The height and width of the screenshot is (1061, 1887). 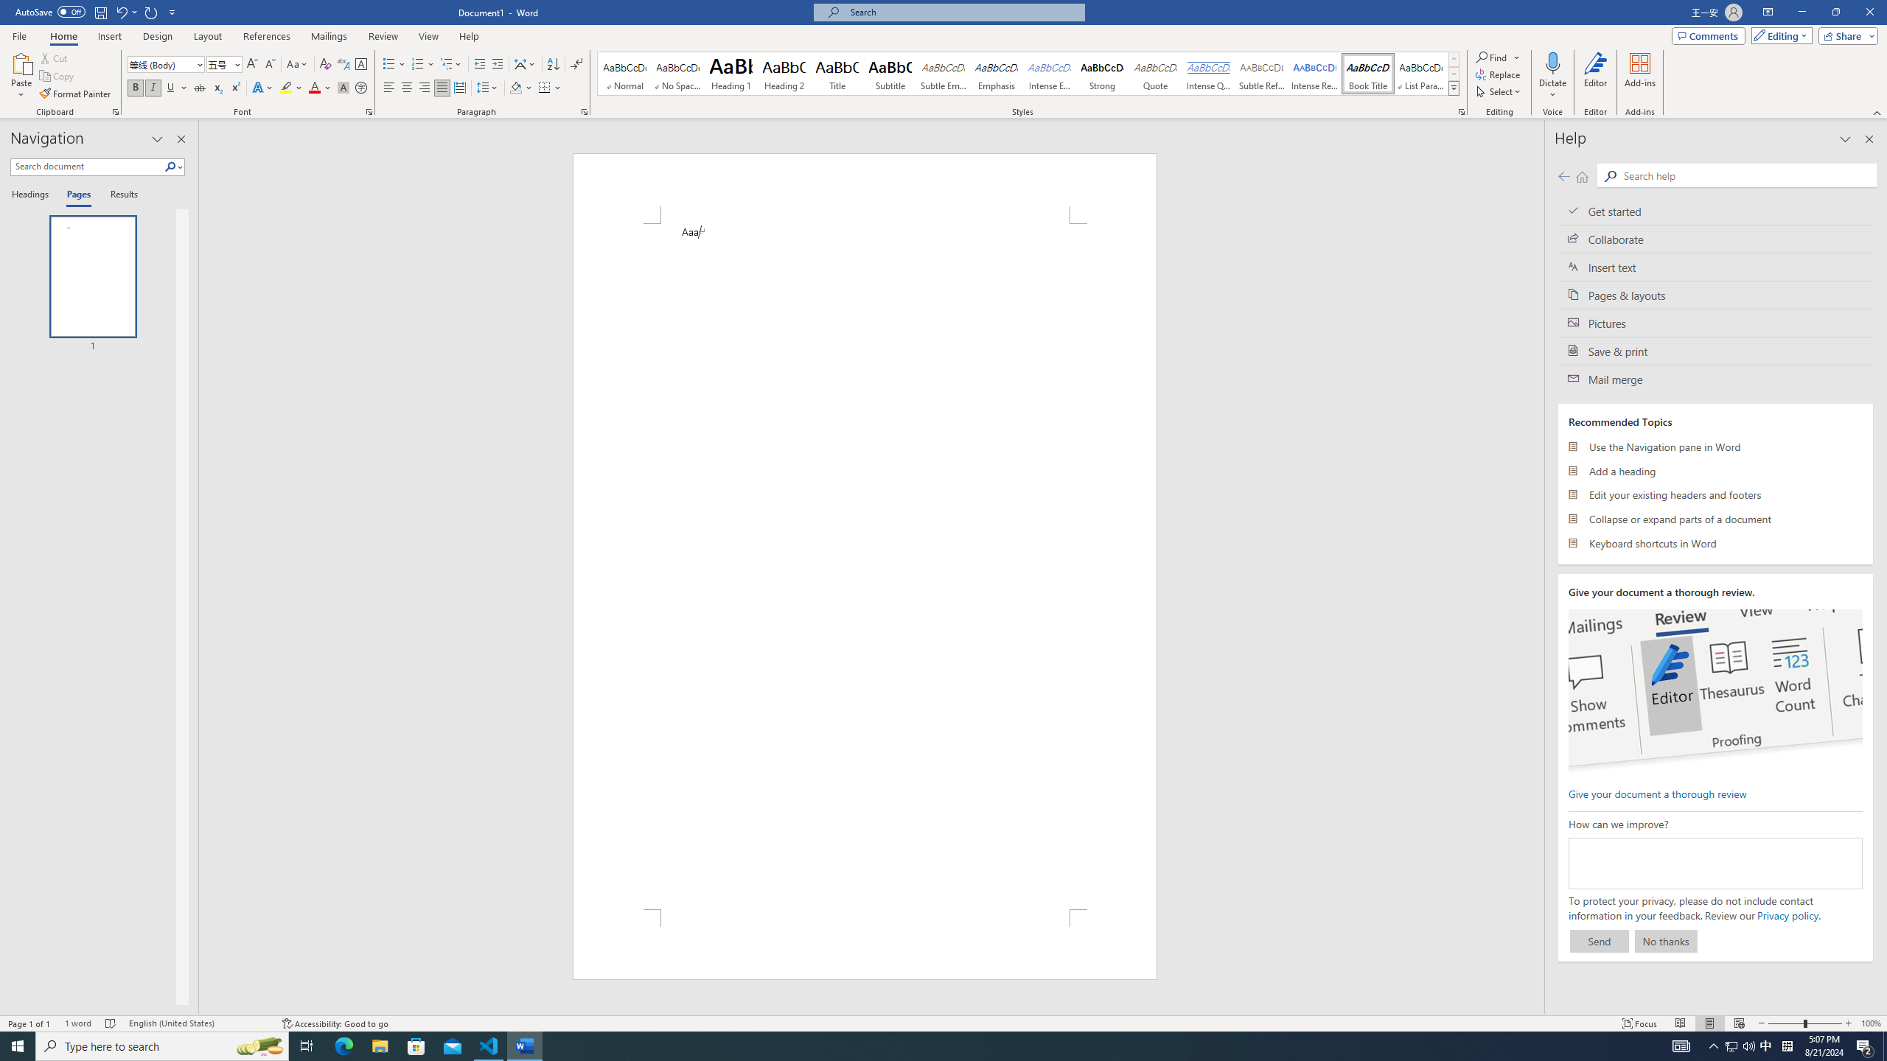 I want to click on 'Use the Navigation pane in Word', so click(x=1715, y=446).